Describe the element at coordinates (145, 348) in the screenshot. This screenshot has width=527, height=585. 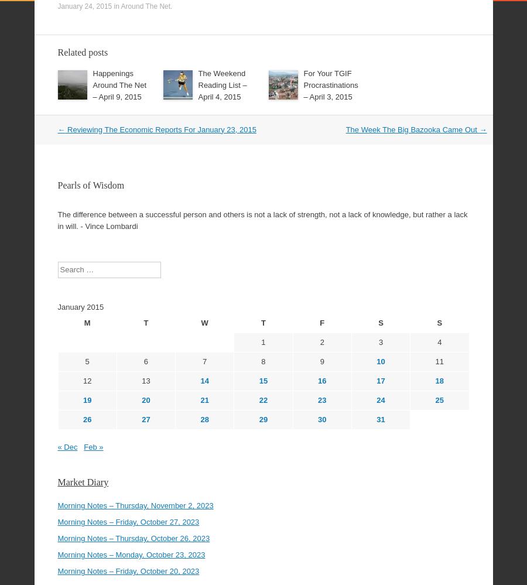
I see `'13'` at that location.